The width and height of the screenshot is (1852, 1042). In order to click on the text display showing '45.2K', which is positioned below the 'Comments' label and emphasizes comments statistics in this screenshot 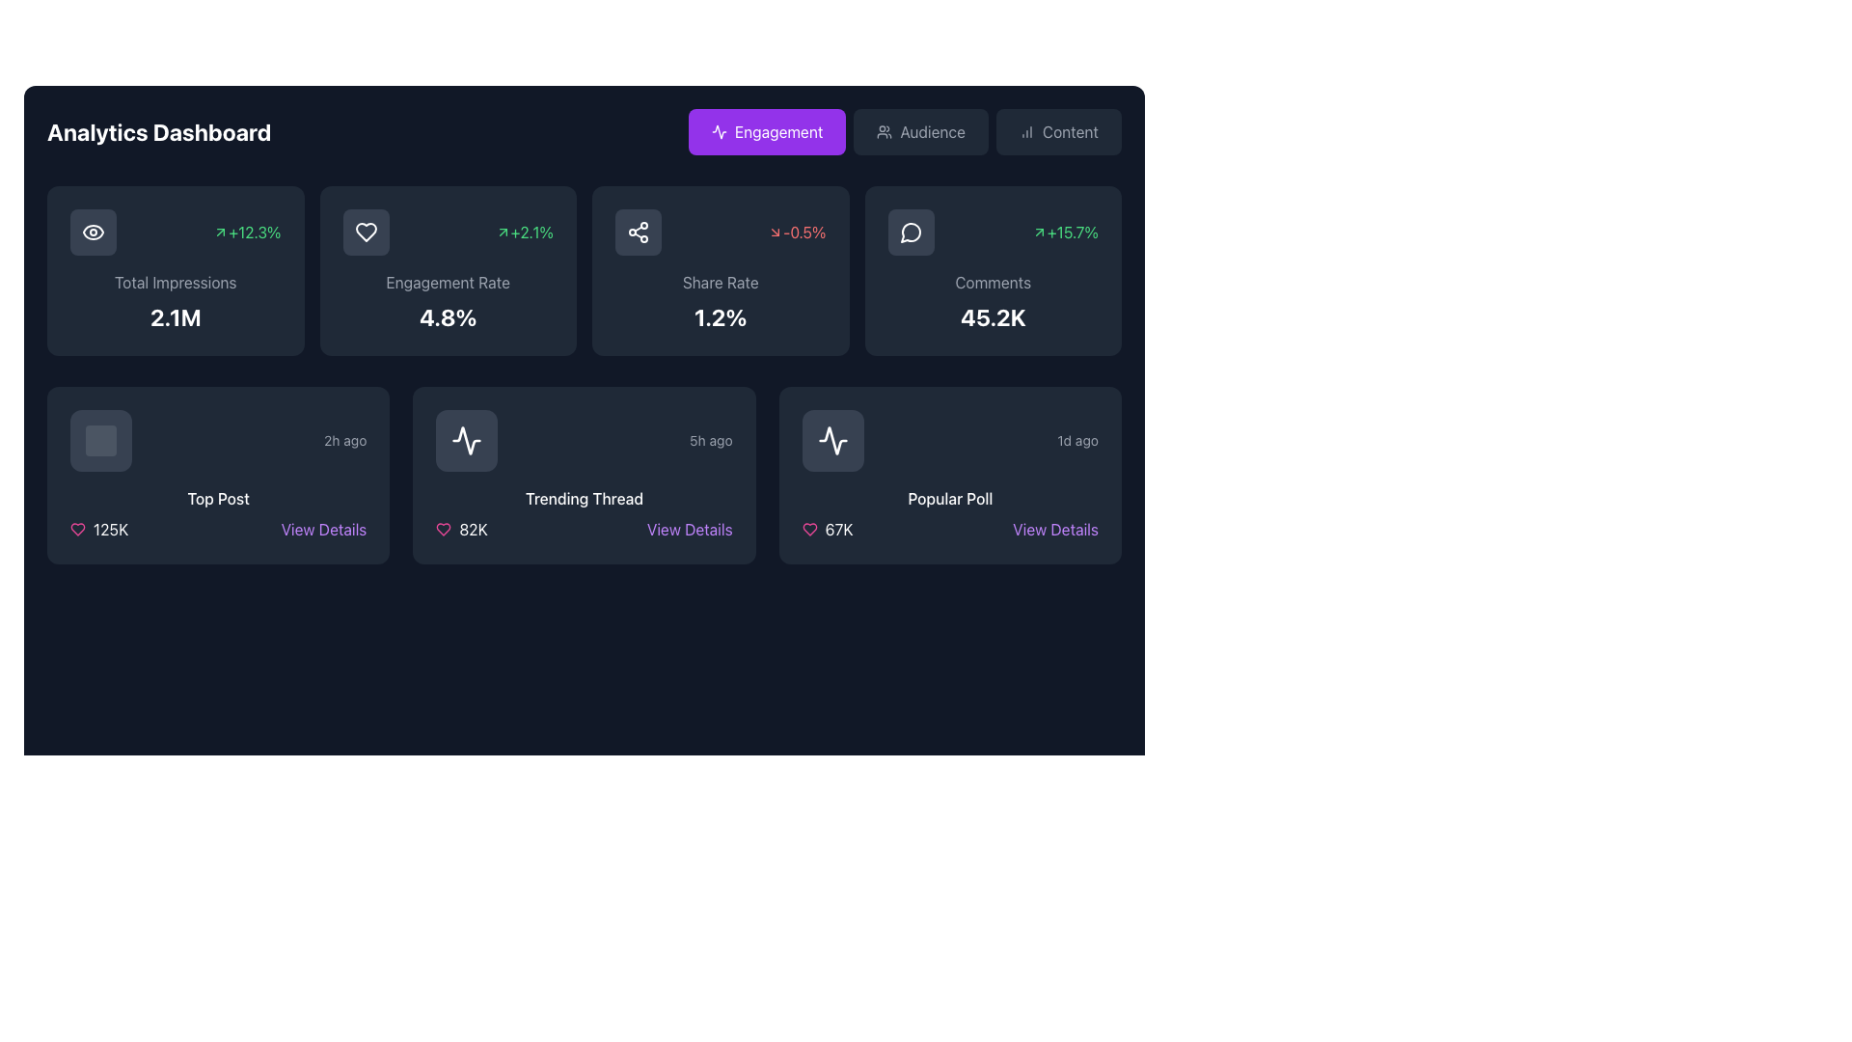, I will do `click(993, 315)`.